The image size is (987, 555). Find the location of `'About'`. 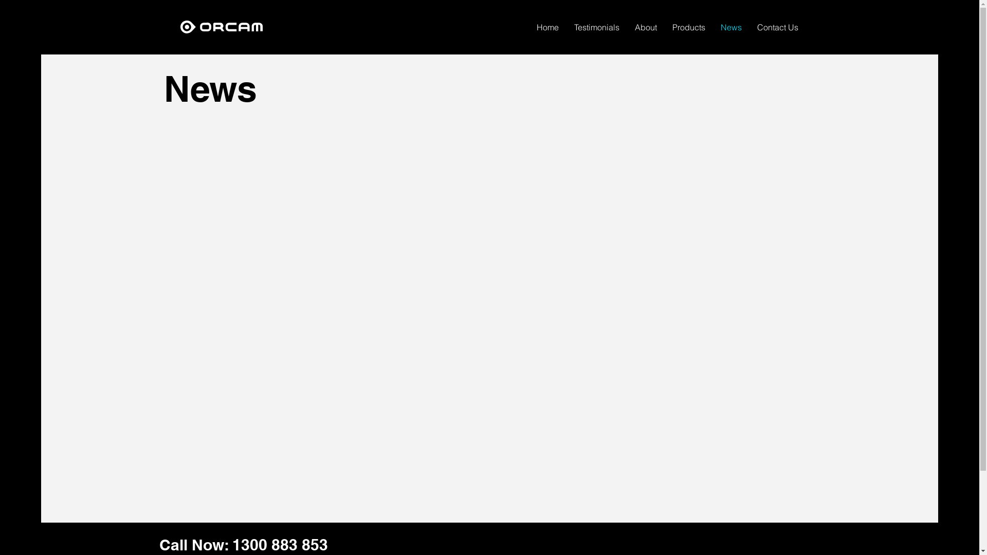

'About' is located at coordinates (645, 27).